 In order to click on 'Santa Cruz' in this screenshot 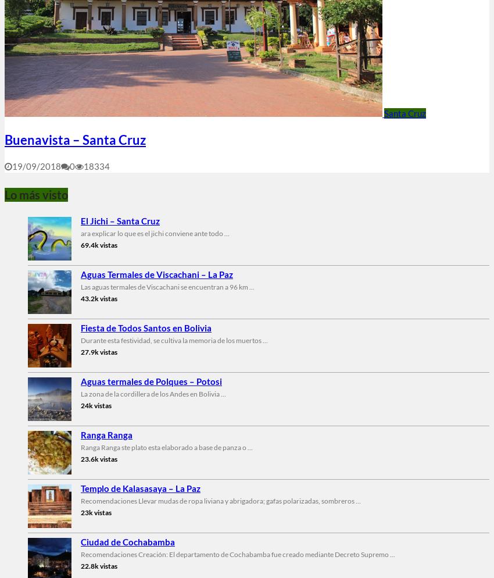, I will do `click(404, 113)`.